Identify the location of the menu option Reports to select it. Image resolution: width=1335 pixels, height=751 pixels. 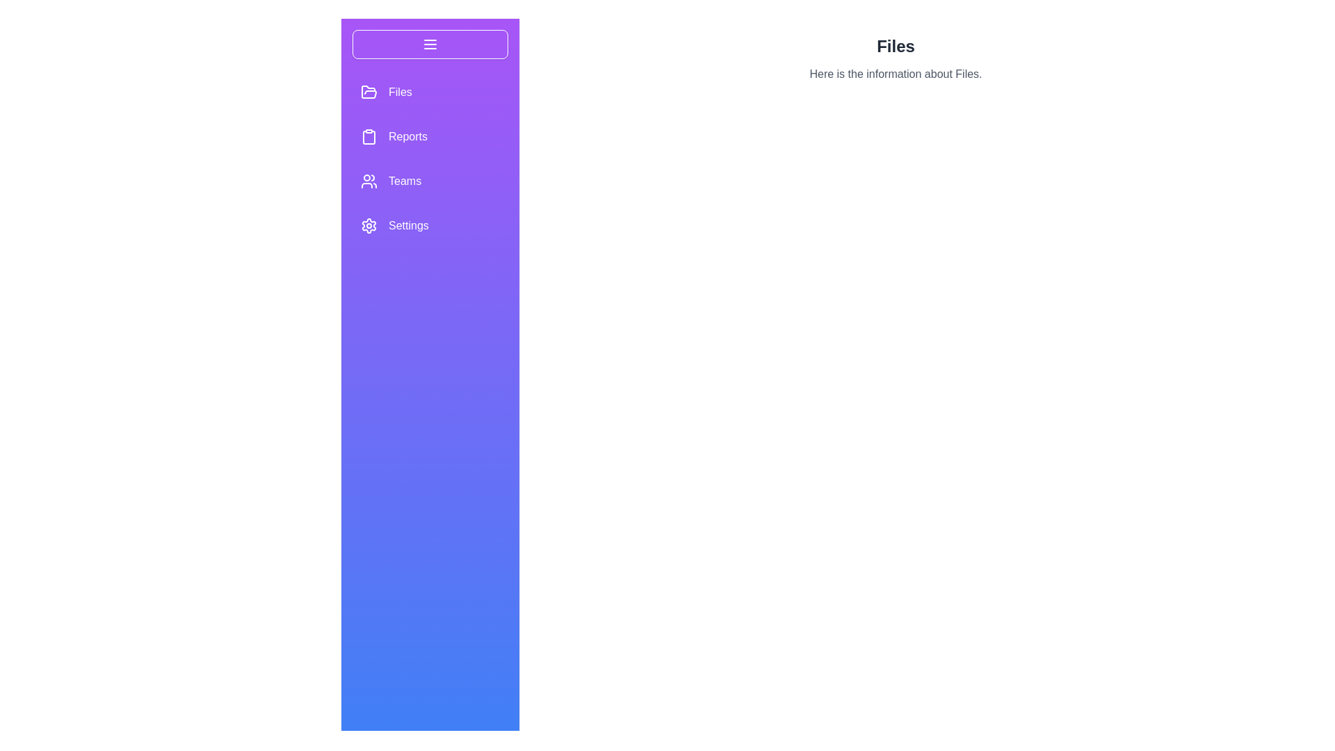
(369, 136).